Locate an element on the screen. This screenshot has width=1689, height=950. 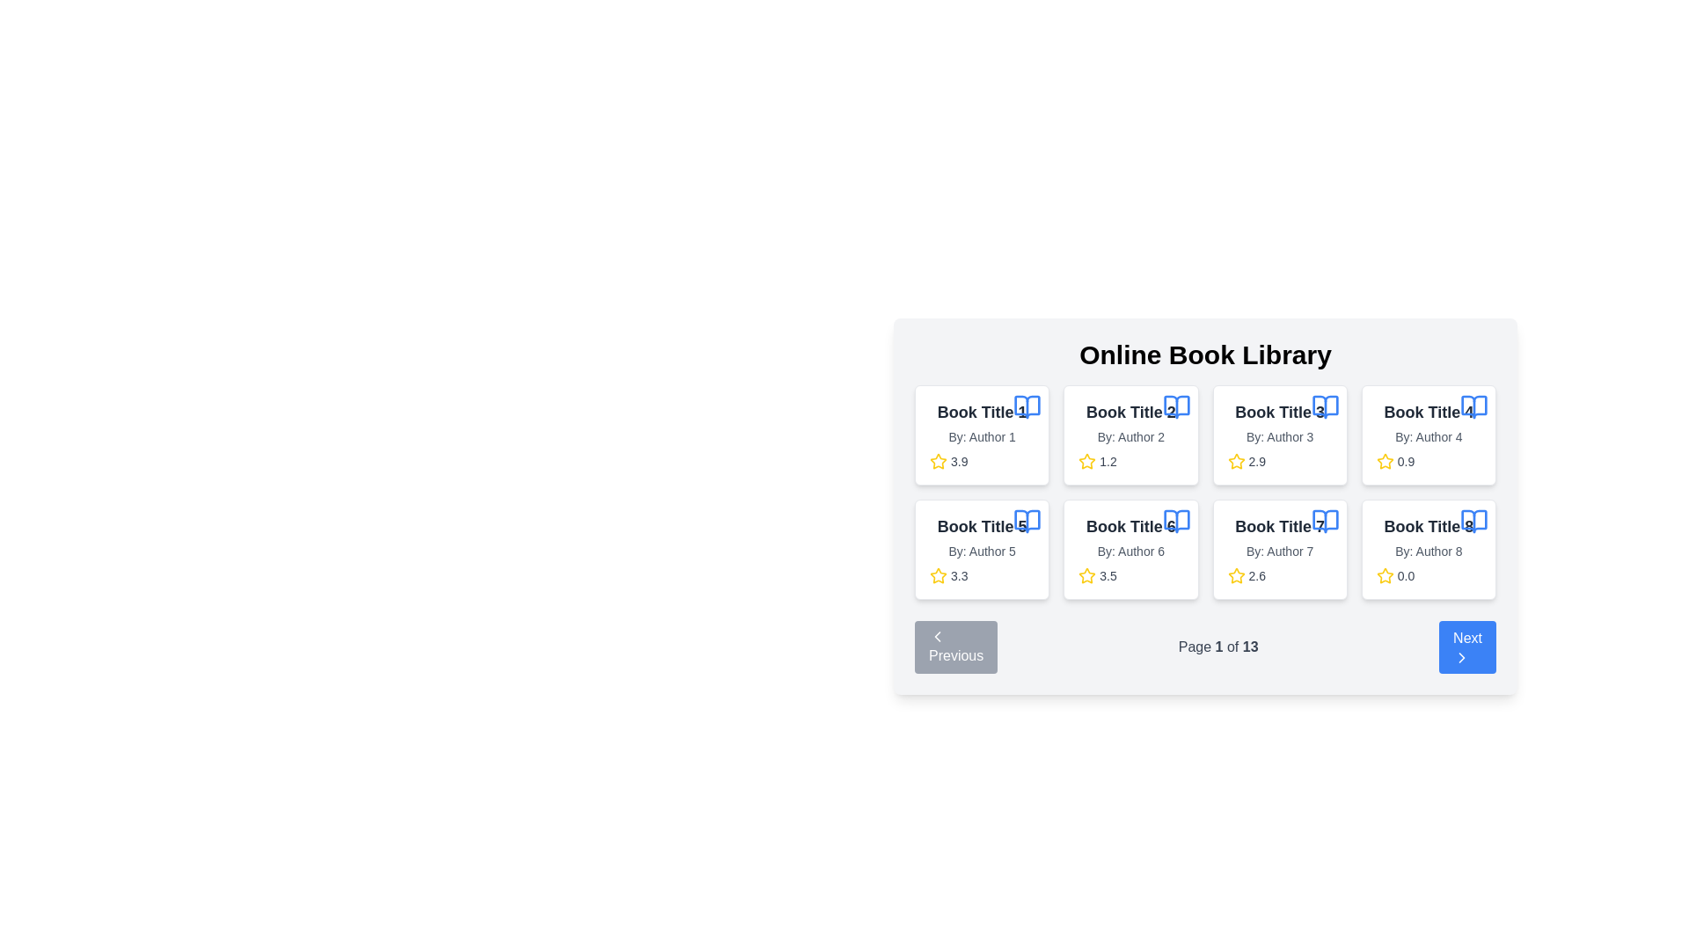
the text label displaying the value '3.3', which is located under 'Book Title 5' and adjacent to a yellow star icon is located at coordinates (958, 576).